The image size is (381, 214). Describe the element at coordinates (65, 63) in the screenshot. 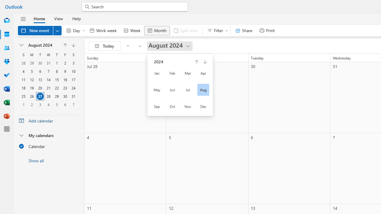

I see `'2, August, 2024'` at that location.